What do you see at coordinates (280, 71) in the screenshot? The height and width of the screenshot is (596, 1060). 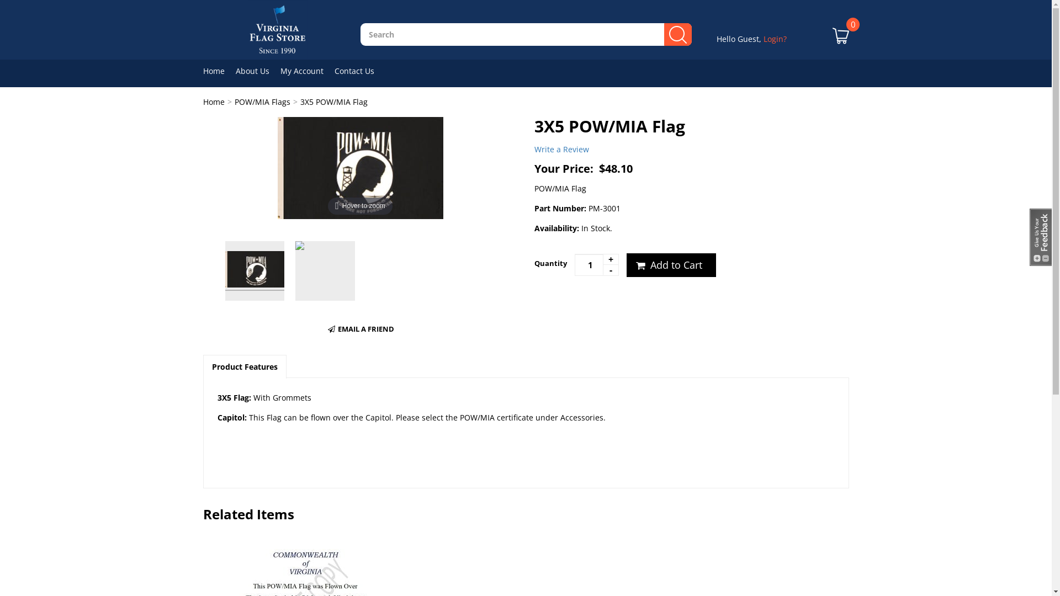 I see `'My Account'` at bounding box center [280, 71].